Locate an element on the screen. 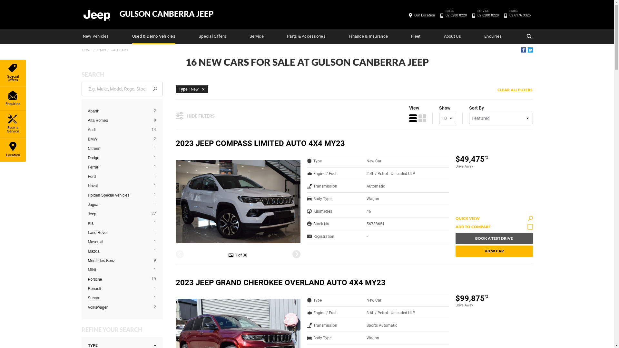  'Dodge' is located at coordinates (117, 158).